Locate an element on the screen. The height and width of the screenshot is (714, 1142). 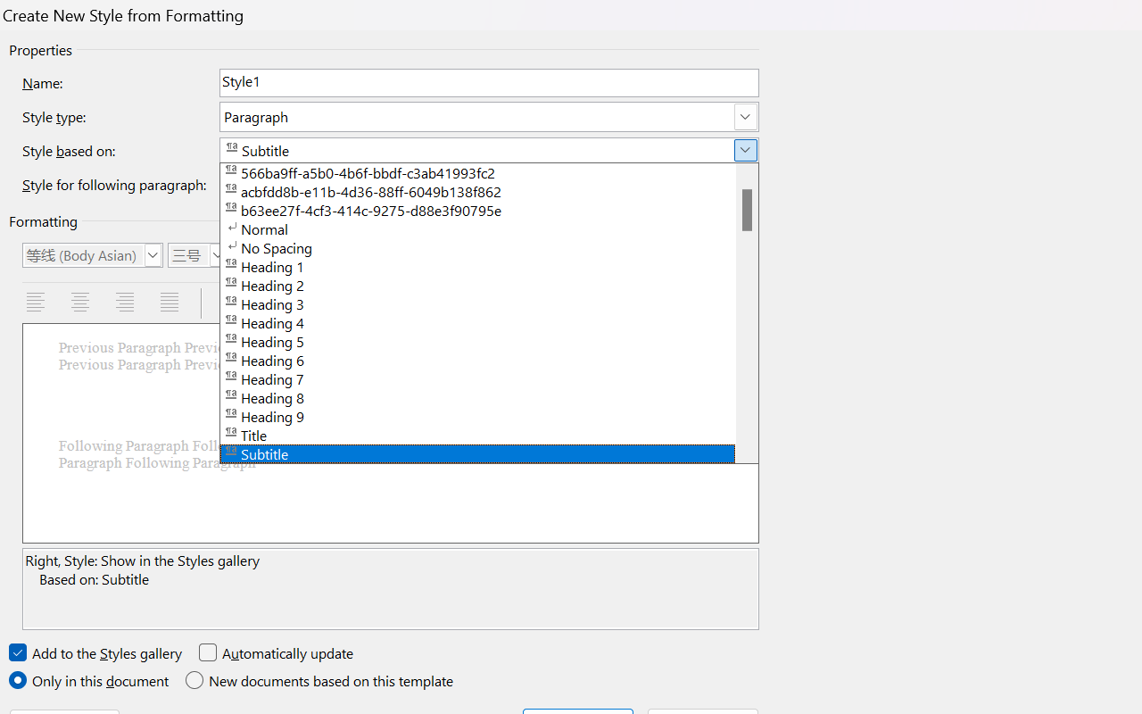
'Heading 2' is located at coordinates (489, 283).